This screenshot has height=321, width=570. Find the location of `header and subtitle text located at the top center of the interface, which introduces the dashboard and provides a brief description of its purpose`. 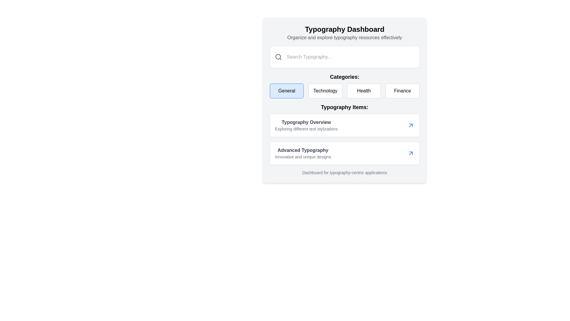

header and subtitle text located at the top center of the interface, which introduces the dashboard and provides a brief description of its purpose is located at coordinates (345, 33).